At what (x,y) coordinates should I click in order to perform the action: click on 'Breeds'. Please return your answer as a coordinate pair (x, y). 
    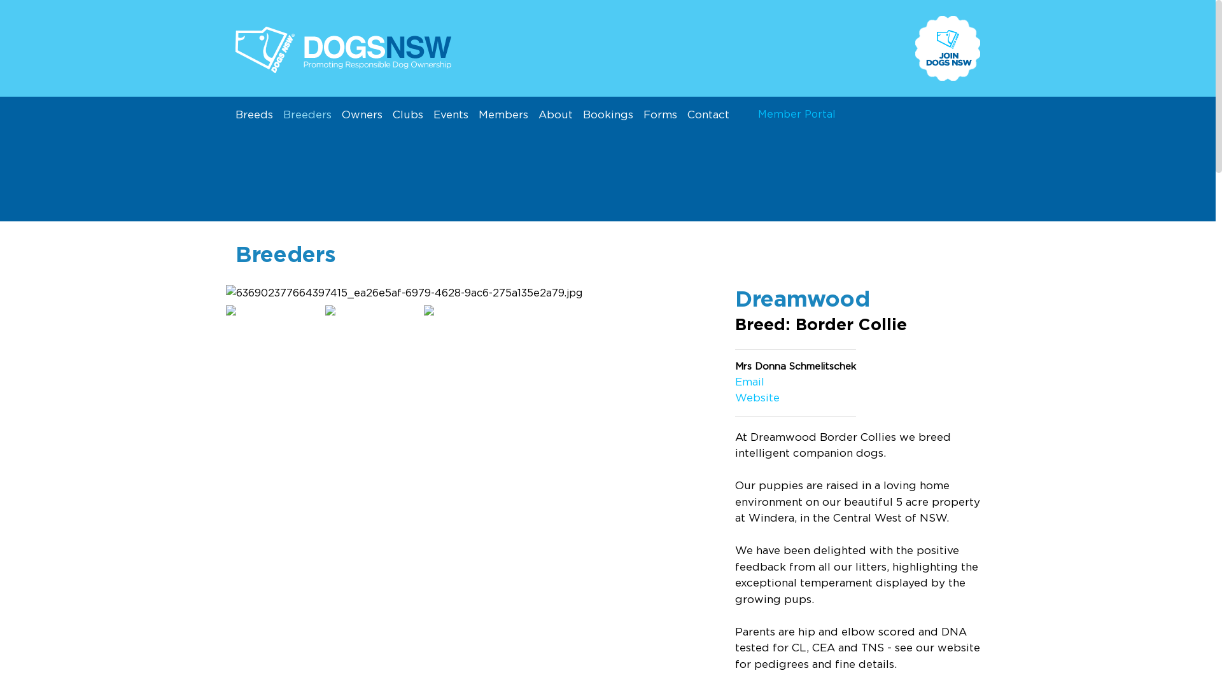
    Looking at the image, I should click on (258, 115).